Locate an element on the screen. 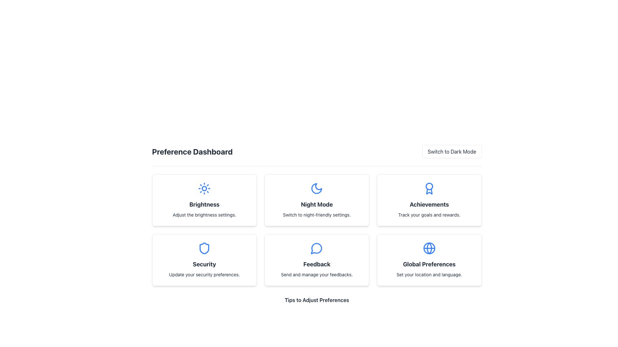  text label displaying 'Achievements' which is located at the center of the card in the grid layout is located at coordinates (429, 204).